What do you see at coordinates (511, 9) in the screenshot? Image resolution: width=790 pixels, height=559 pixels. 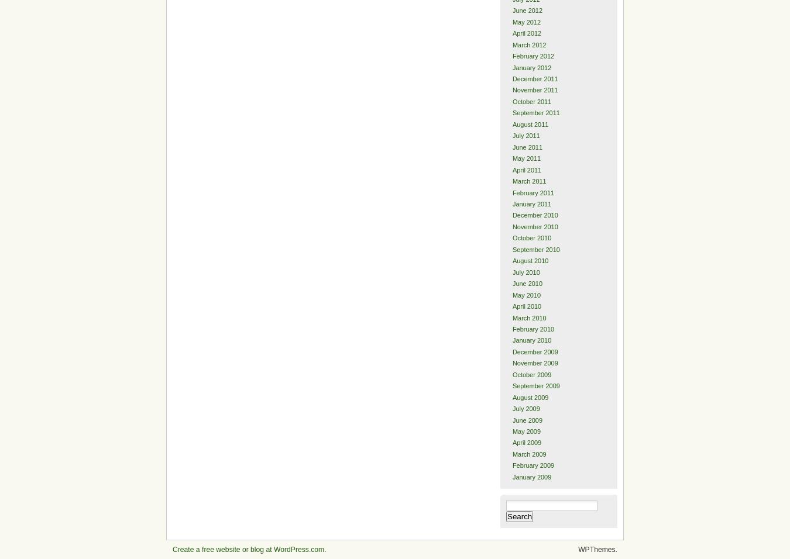 I see `'June 2012'` at bounding box center [511, 9].